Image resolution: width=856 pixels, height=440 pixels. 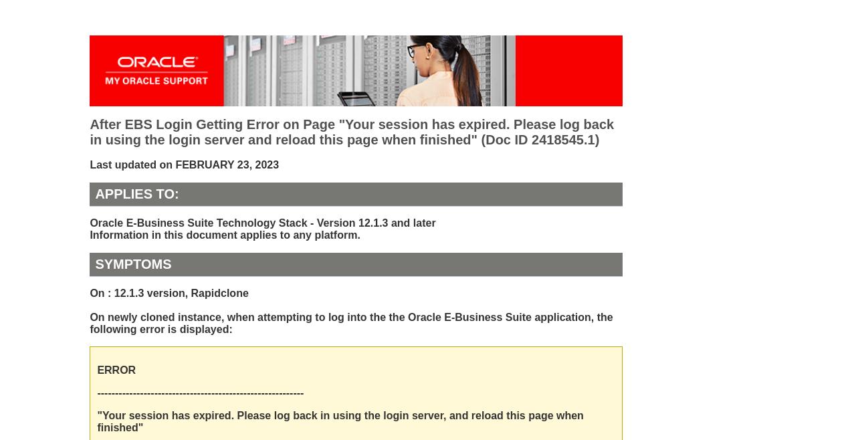 What do you see at coordinates (351, 323) in the screenshot?
I see `'On newly cloned instance, when attempting to log into the the Oracle E-Business Suite application, the following error is displayed:'` at bounding box center [351, 323].